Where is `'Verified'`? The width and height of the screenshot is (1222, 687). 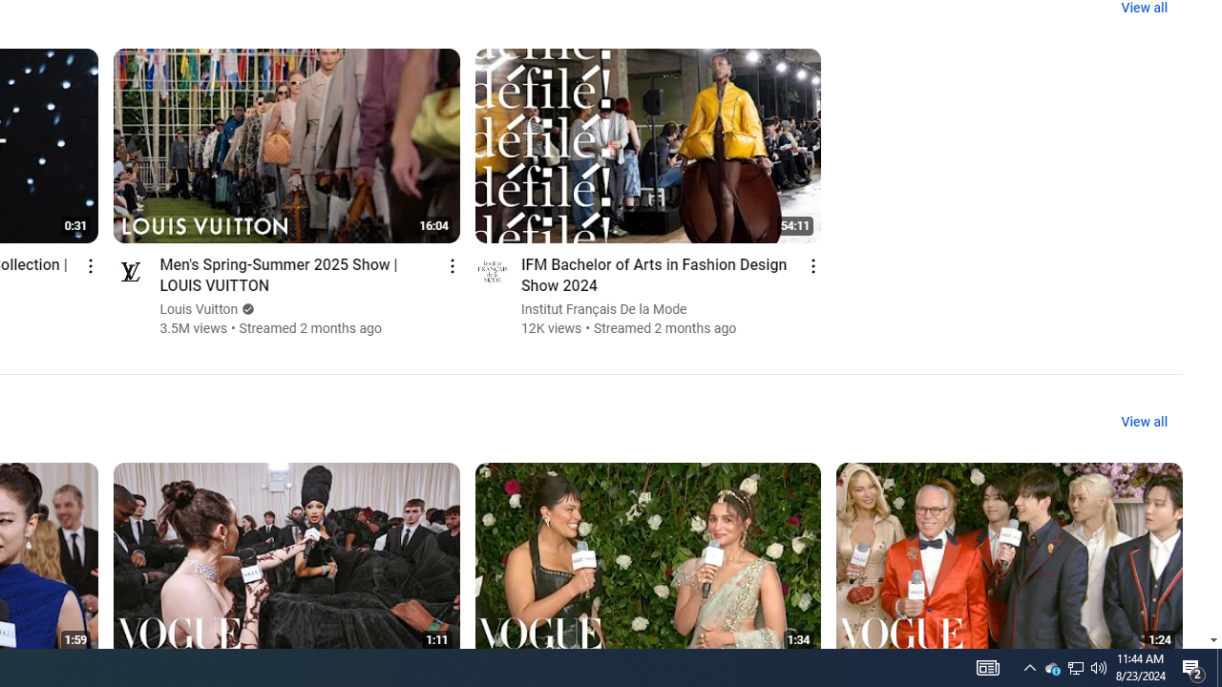 'Verified' is located at coordinates (245, 308).